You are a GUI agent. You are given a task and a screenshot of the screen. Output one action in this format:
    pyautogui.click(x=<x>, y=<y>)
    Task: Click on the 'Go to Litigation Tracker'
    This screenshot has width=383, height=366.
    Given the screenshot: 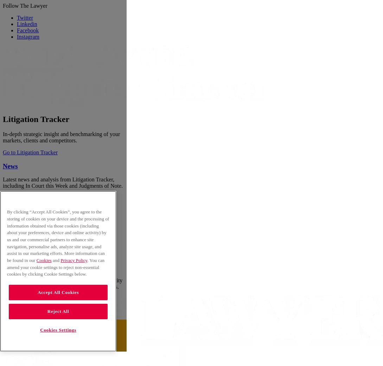 What is the action you would take?
    pyautogui.click(x=30, y=152)
    